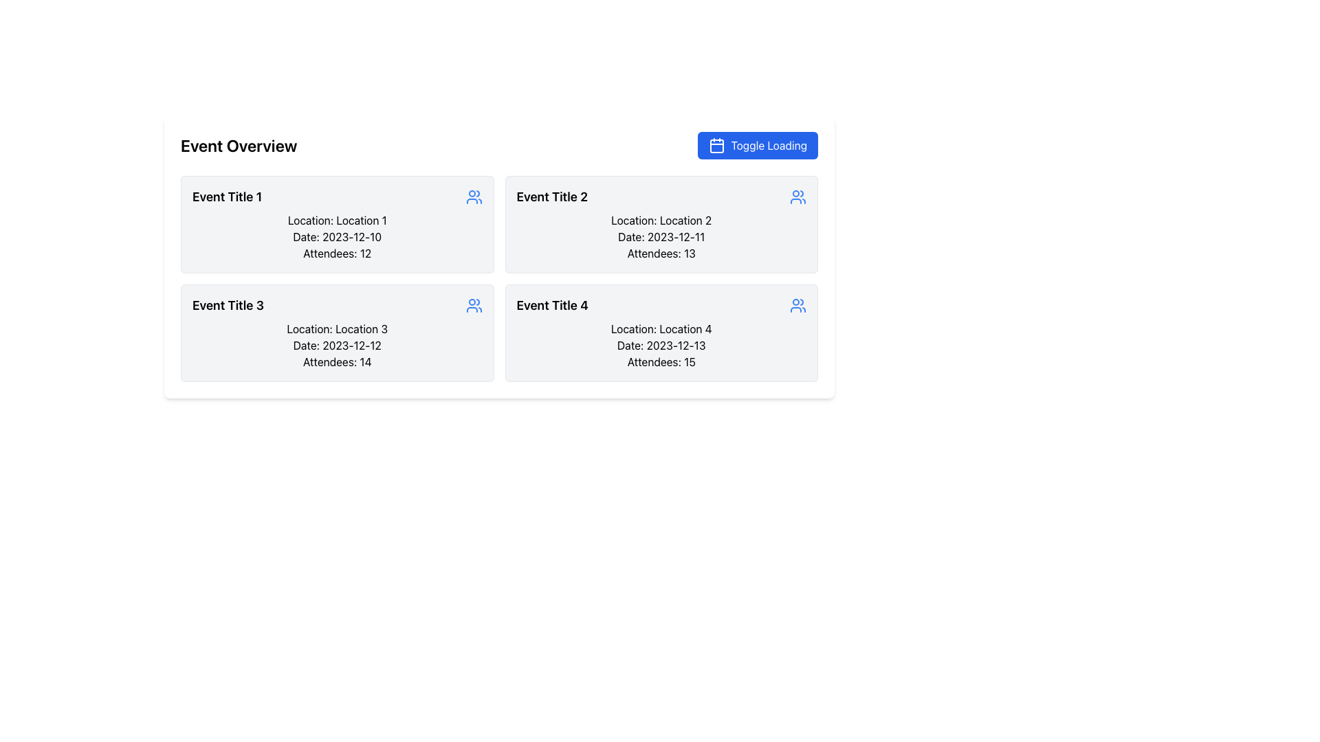 Image resolution: width=1320 pixels, height=742 pixels. Describe the element at coordinates (337, 236) in the screenshot. I see `the Text Label that provides the date of the event, located within the event card titled 'Event Title 1', positioned below 'Location: Location 1' and above 'Attendees: 12'` at that location.